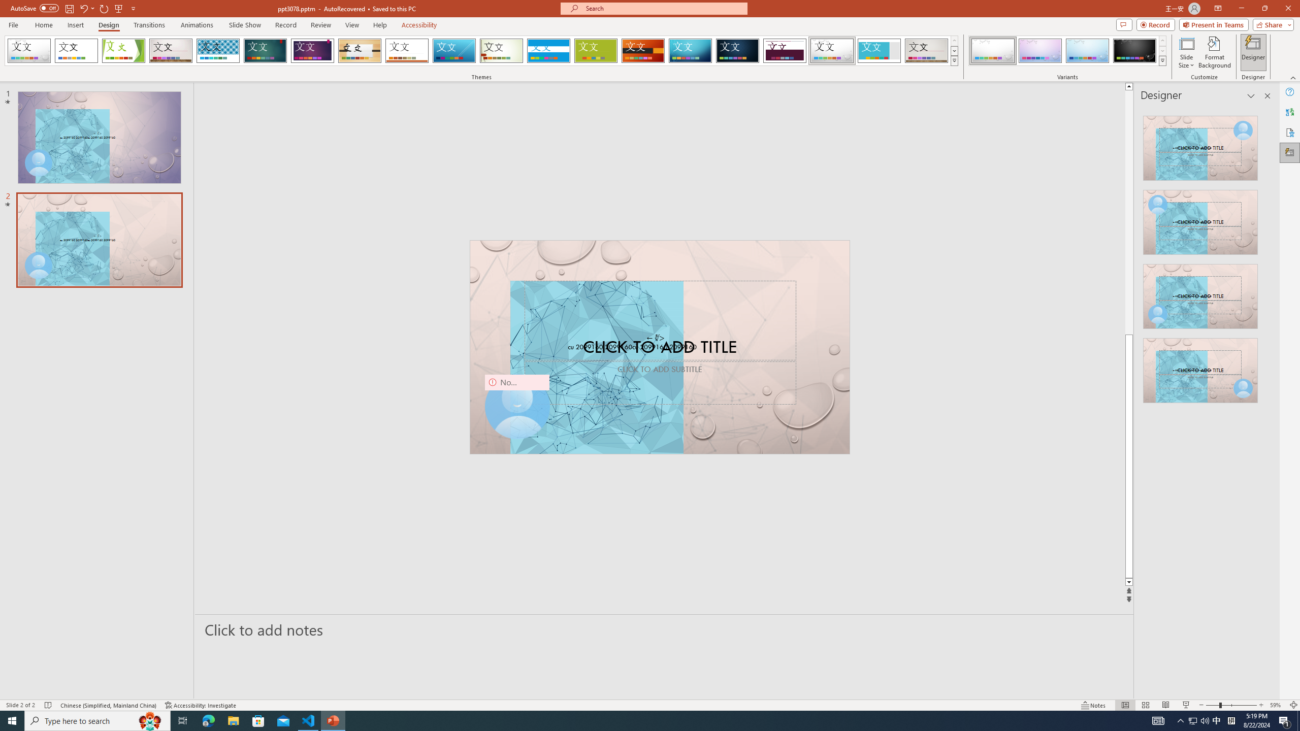  Describe the element at coordinates (516, 406) in the screenshot. I see `'Camera 9, No camera detected.'` at that location.